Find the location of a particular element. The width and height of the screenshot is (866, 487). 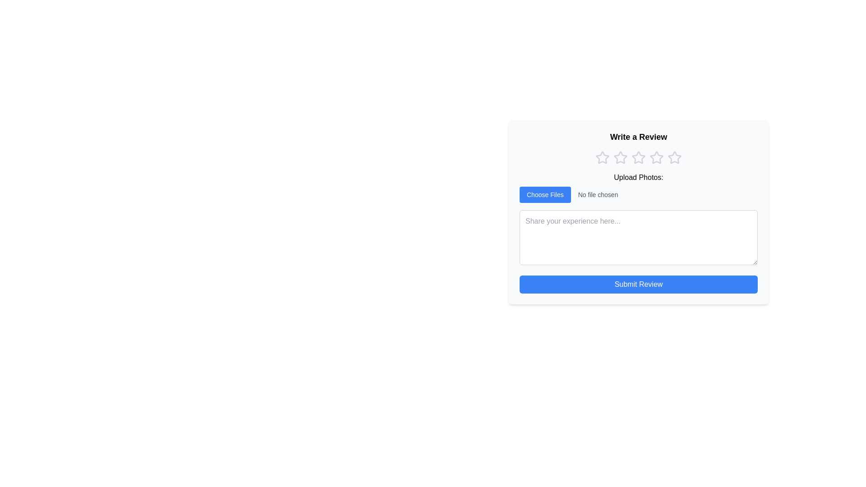

the first star icon is located at coordinates (619, 156).